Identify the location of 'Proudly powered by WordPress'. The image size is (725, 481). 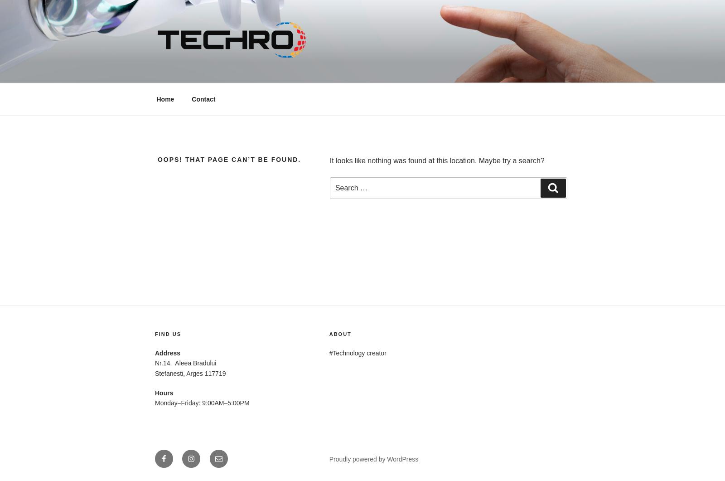
(373, 458).